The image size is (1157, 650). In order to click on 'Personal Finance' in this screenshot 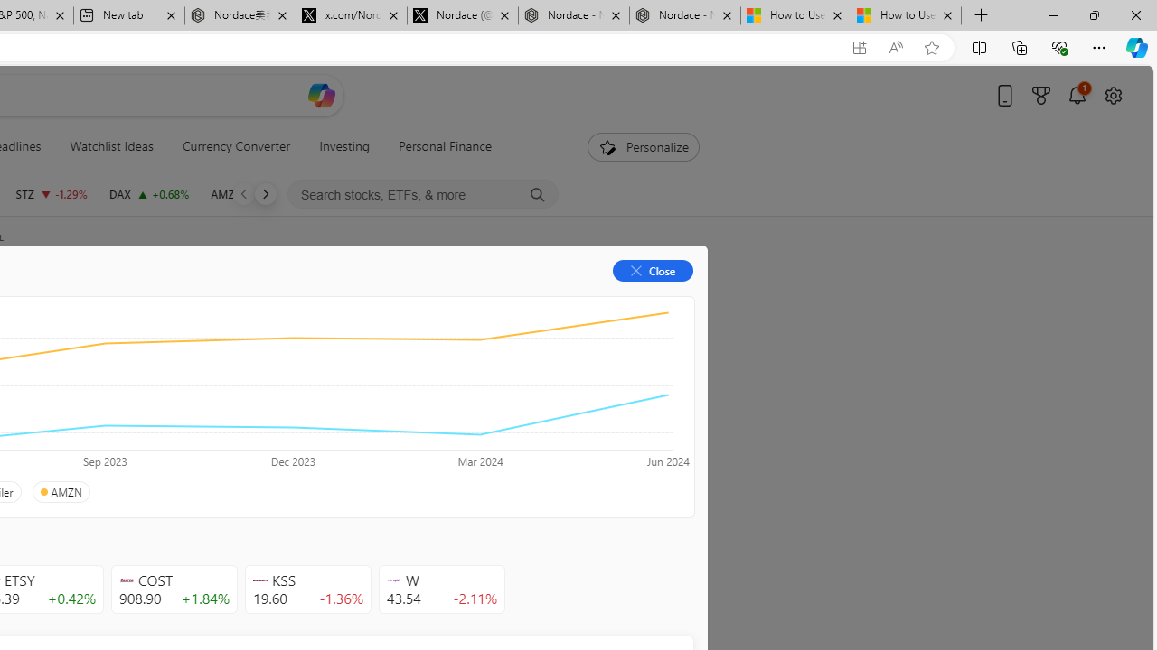, I will do `click(438, 146)`.